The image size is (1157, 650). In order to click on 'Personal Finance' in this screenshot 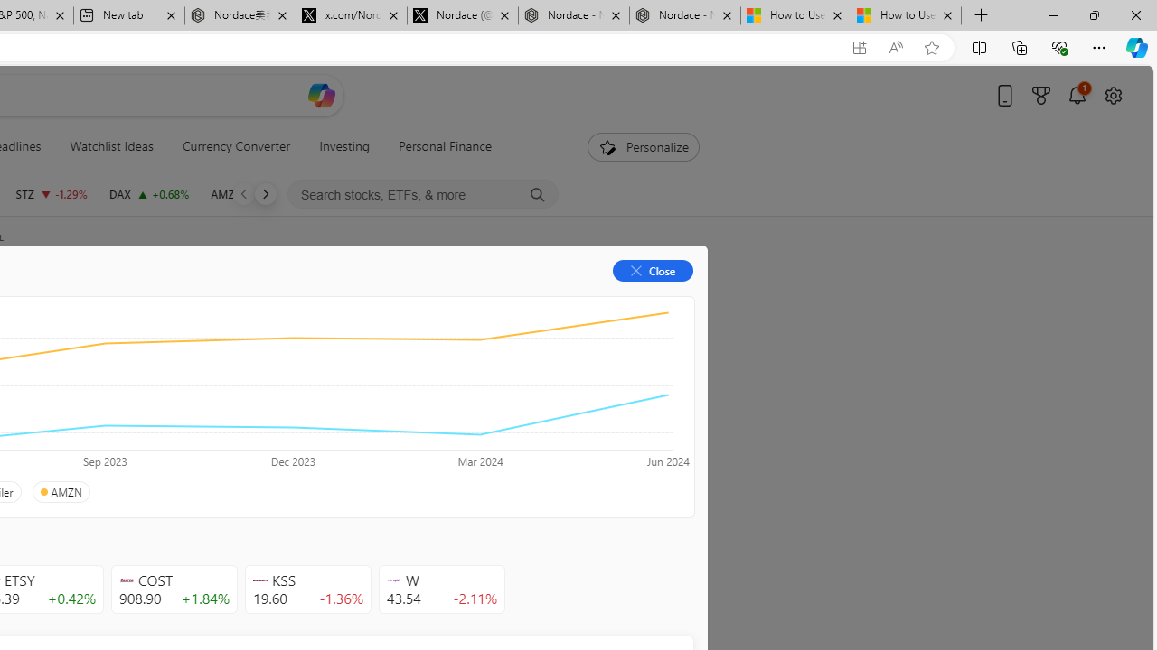, I will do `click(438, 146)`.